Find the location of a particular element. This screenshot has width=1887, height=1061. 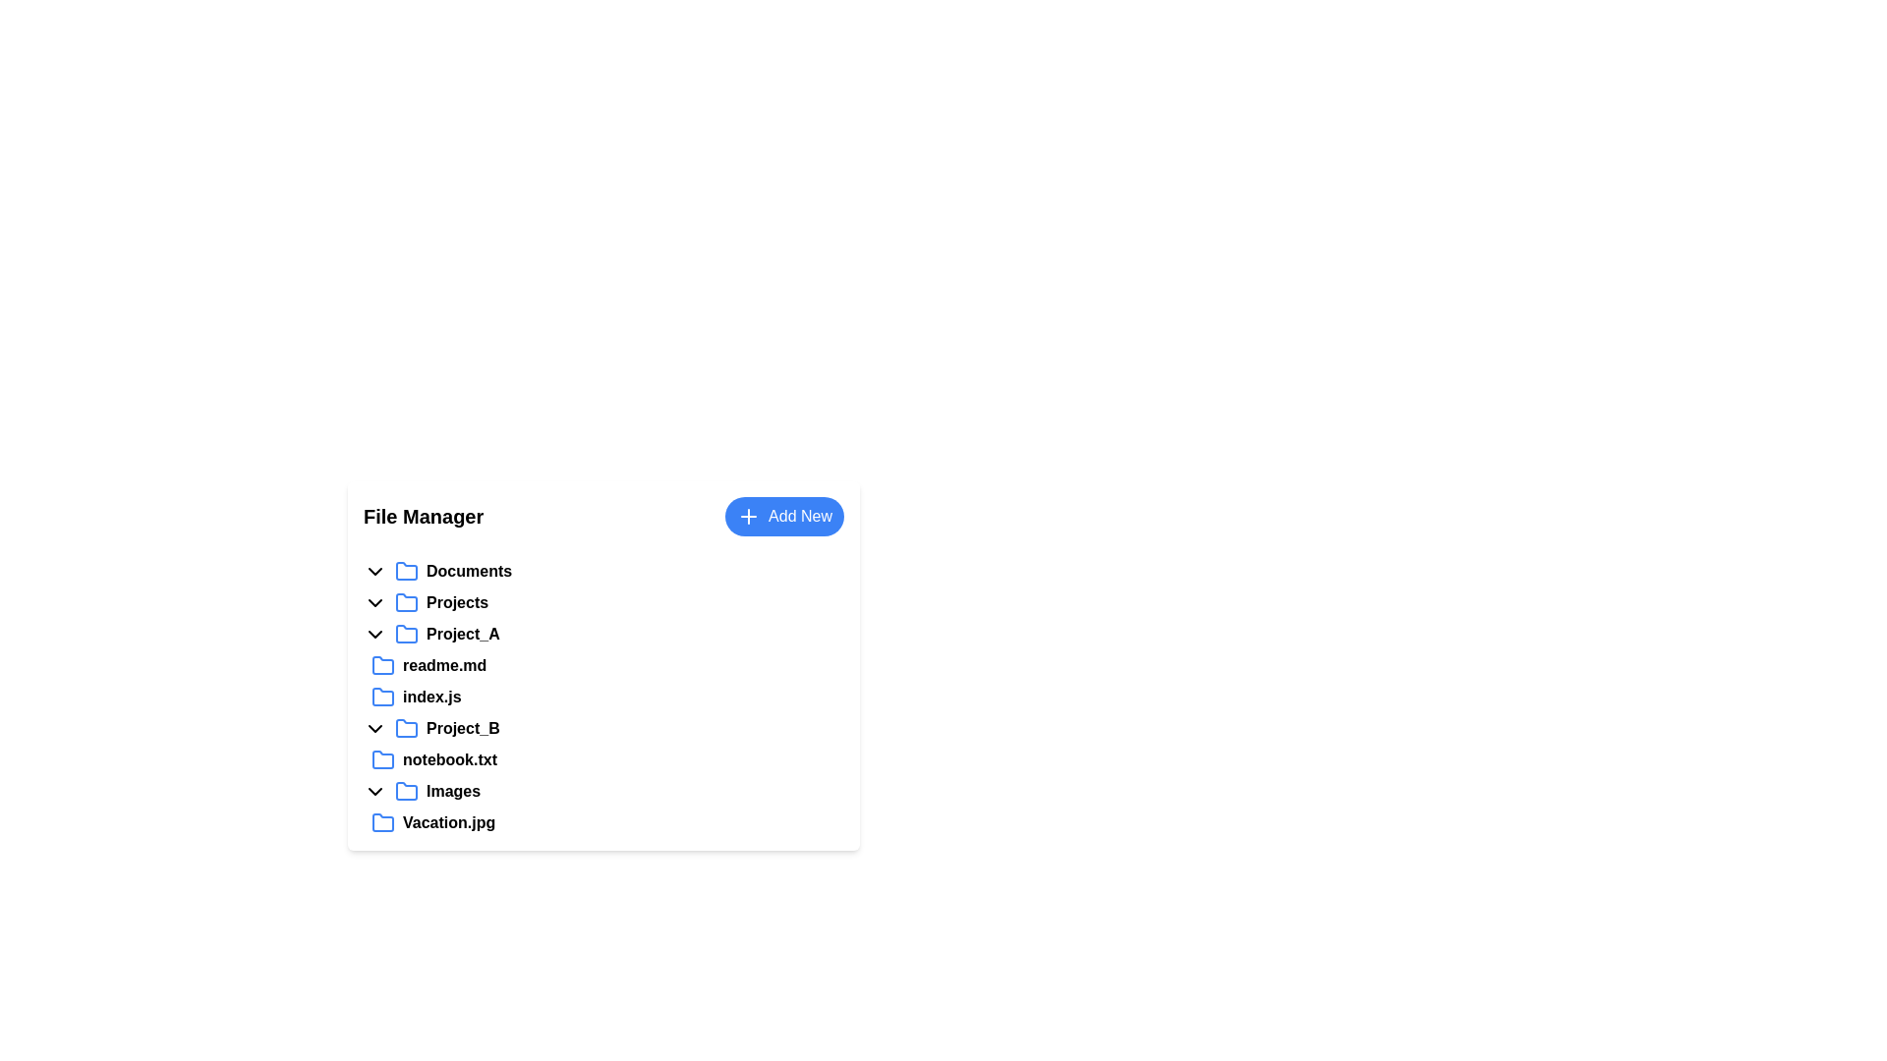

the 'Images' folder list item in the file manager is located at coordinates (602, 791).